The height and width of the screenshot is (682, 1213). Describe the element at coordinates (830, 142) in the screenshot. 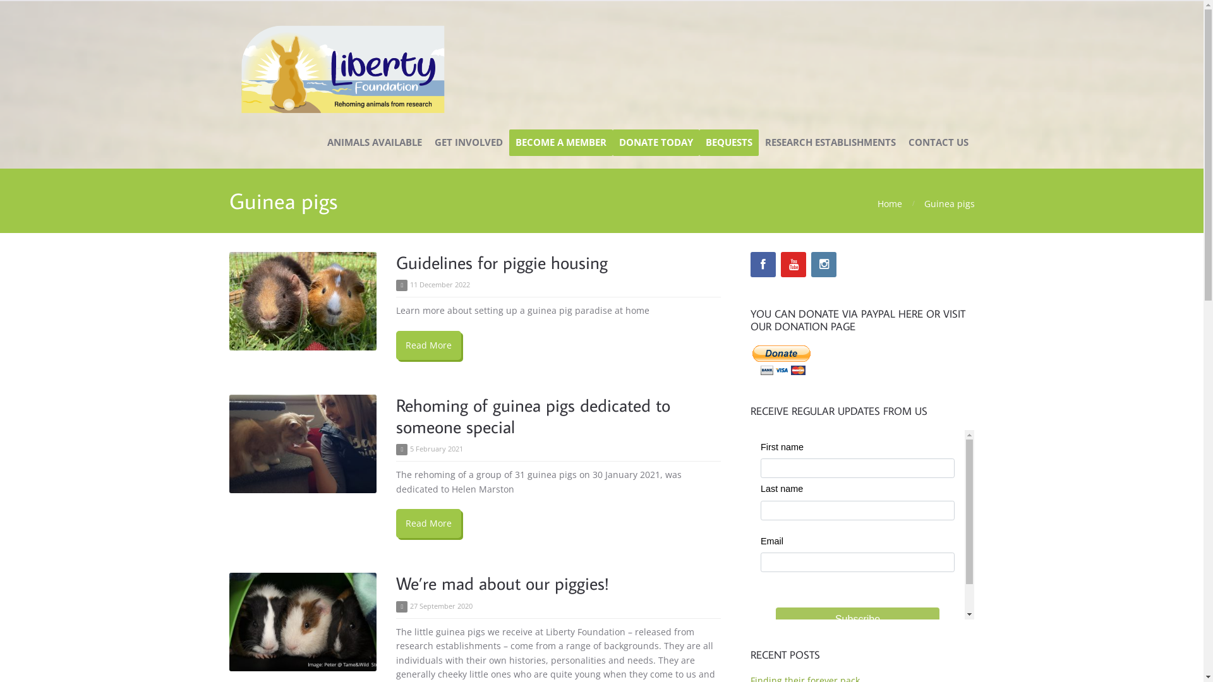

I see `'RESEARCH ESTABLISHMENTS'` at that location.